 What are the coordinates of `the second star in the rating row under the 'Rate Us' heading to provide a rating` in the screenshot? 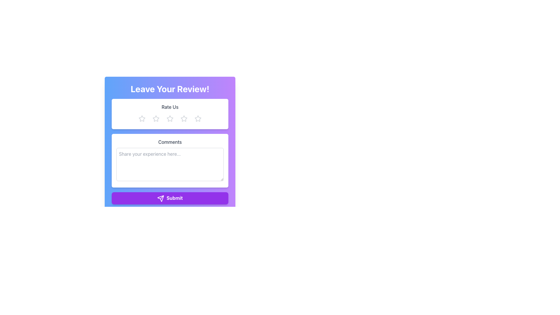 It's located at (169, 118).